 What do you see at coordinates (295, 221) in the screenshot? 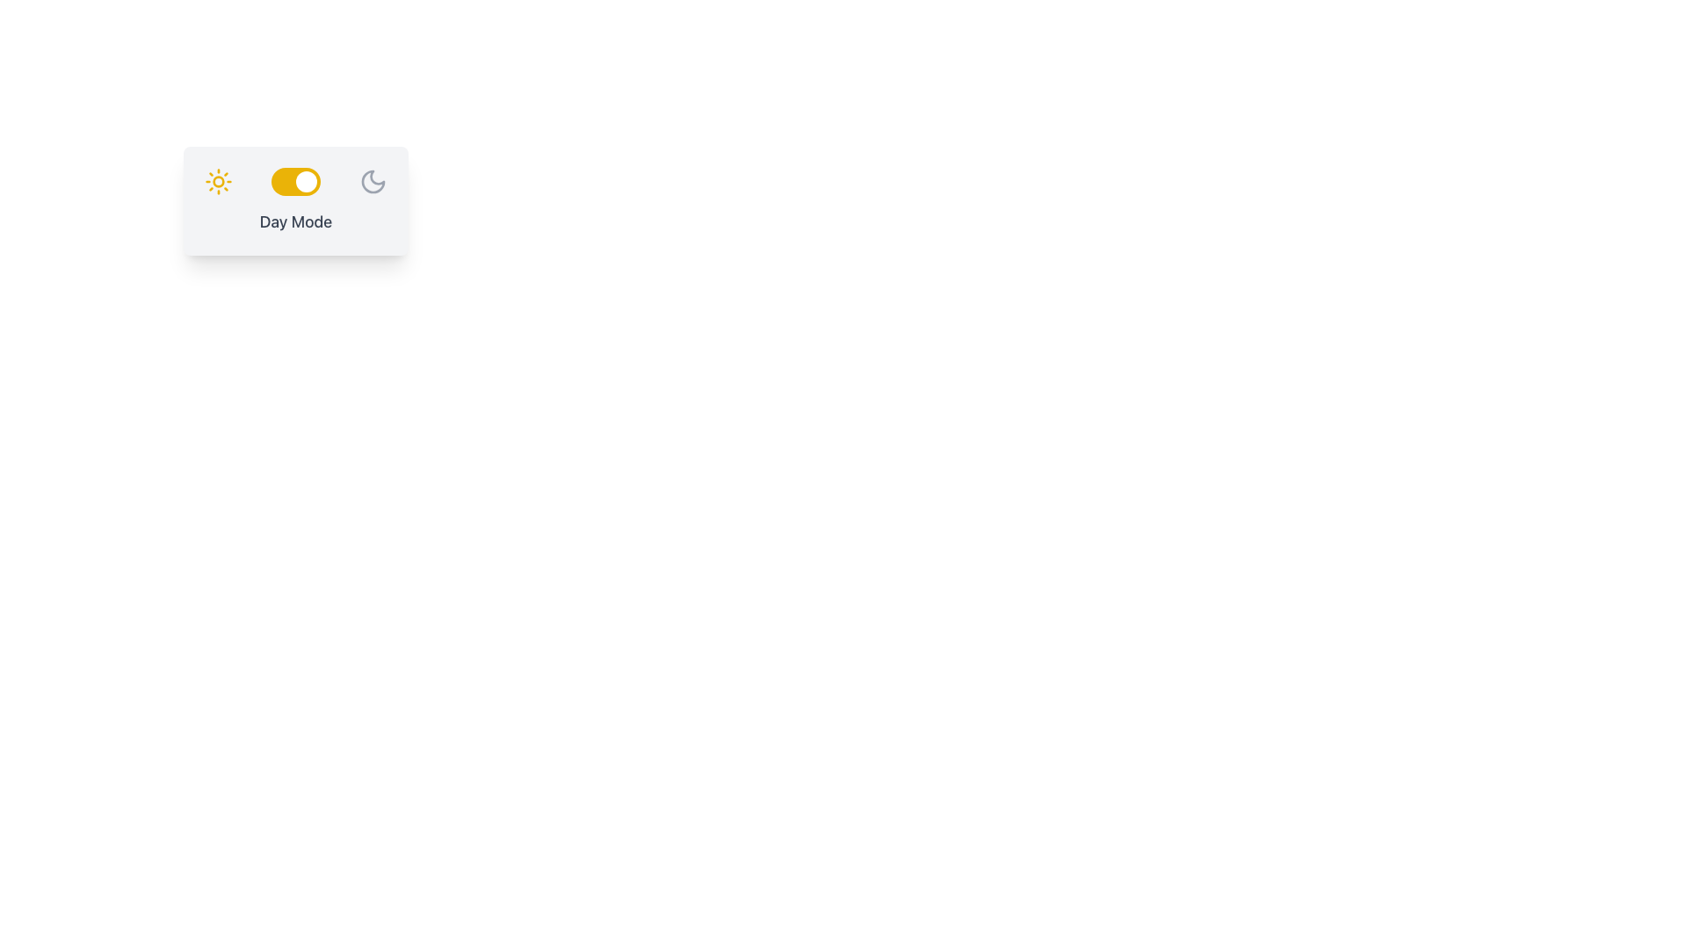
I see `text content of the label that indicates the selected mode of the toggle switch, located at the bottom of a card component, centered horizontally under the toggle switch` at bounding box center [295, 221].